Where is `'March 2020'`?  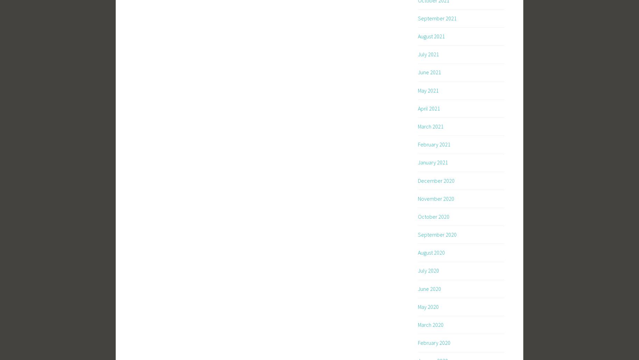
'March 2020' is located at coordinates (430, 324).